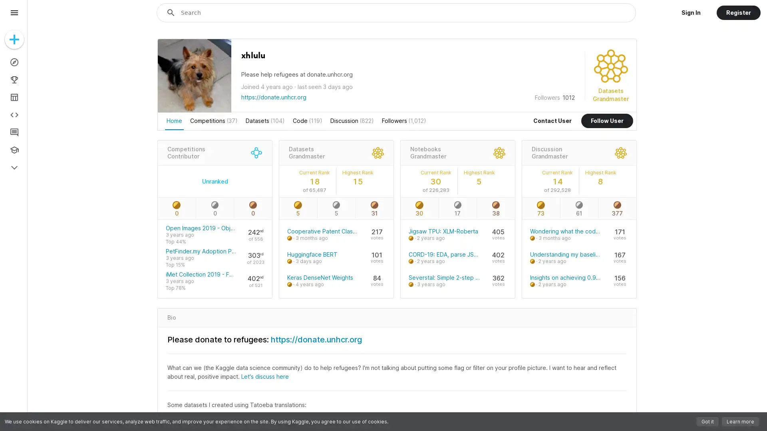 This screenshot has width=767, height=431. I want to click on Contact User, so click(552, 121).